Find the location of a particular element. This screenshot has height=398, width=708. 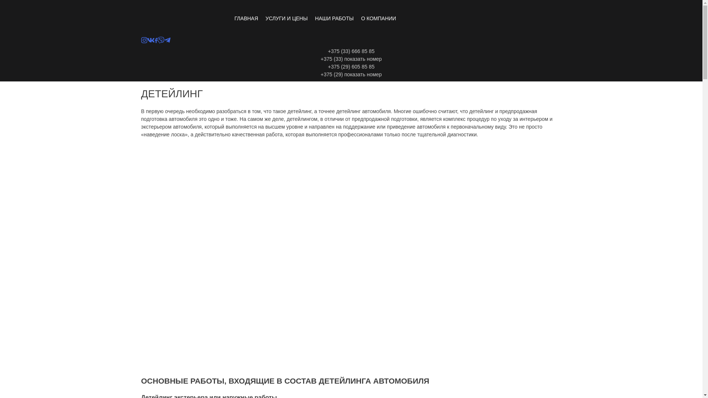

'+375 (29) 605 85 85' is located at coordinates (351, 67).